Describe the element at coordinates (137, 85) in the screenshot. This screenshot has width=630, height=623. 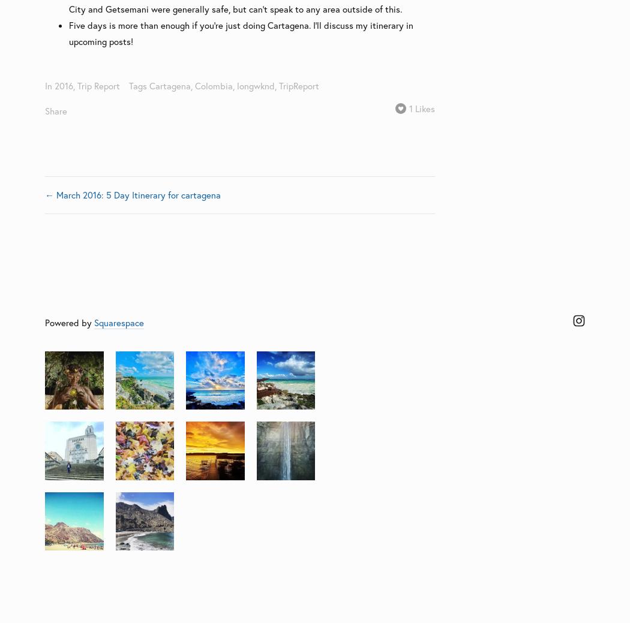
I see `'Tags'` at that location.